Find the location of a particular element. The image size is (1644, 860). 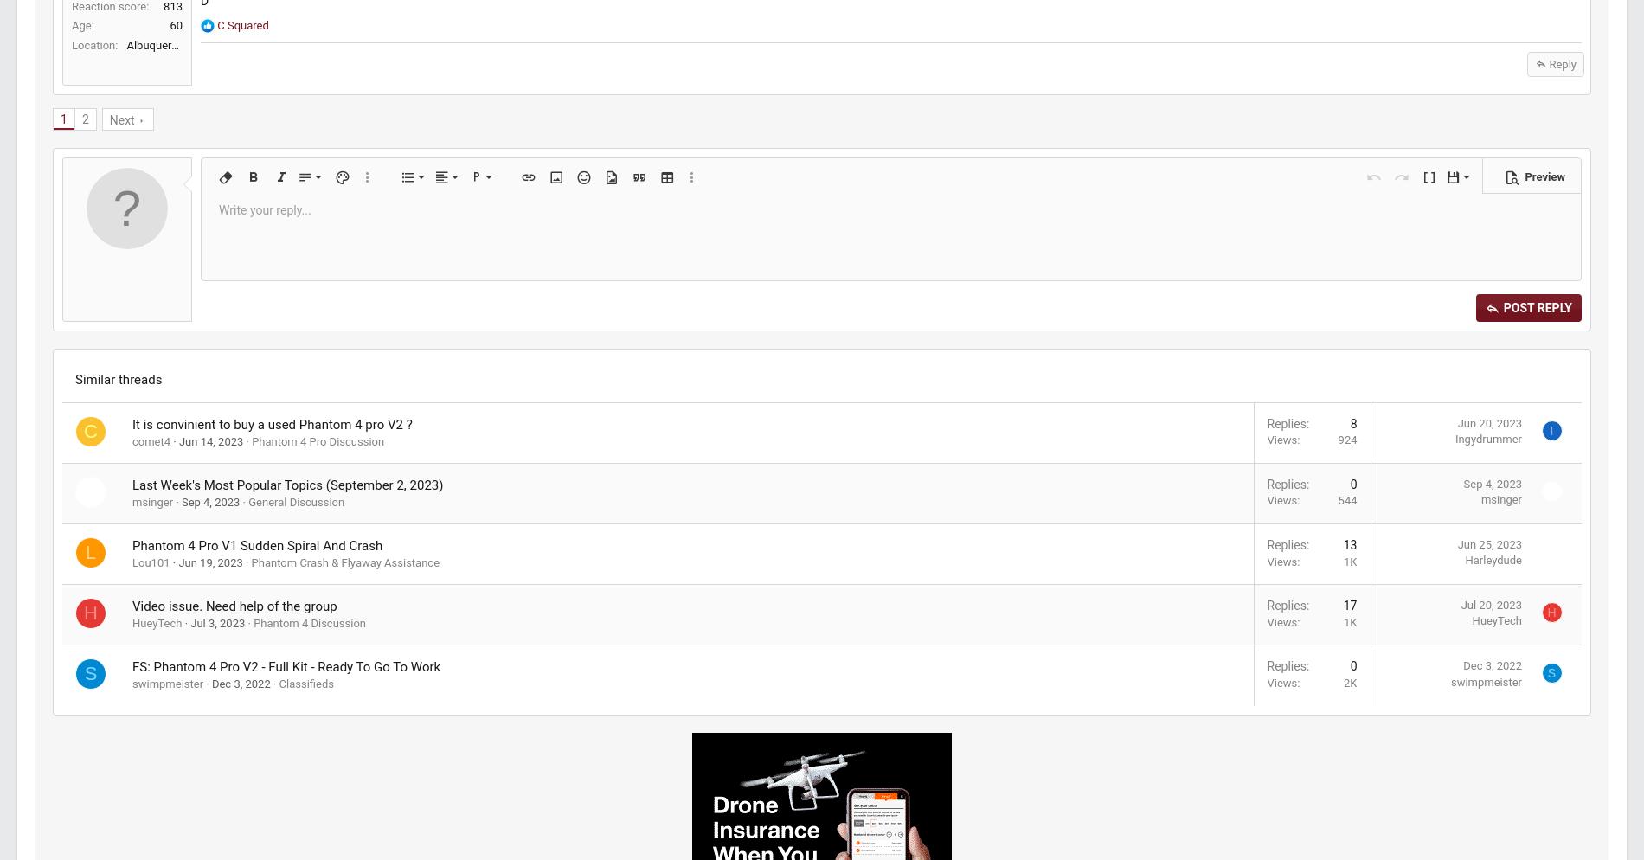

'Albuquerque, New Mexico' is located at coordinates (231, 151).